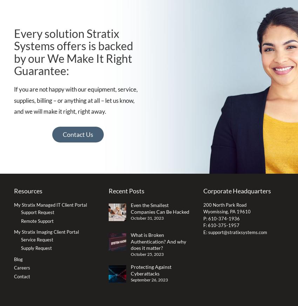 Image resolution: width=298 pixels, height=306 pixels. What do you see at coordinates (50, 205) in the screenshot?
I see `'My Stratix Managed IT Client Portal'` at bounding box center [50, 205].